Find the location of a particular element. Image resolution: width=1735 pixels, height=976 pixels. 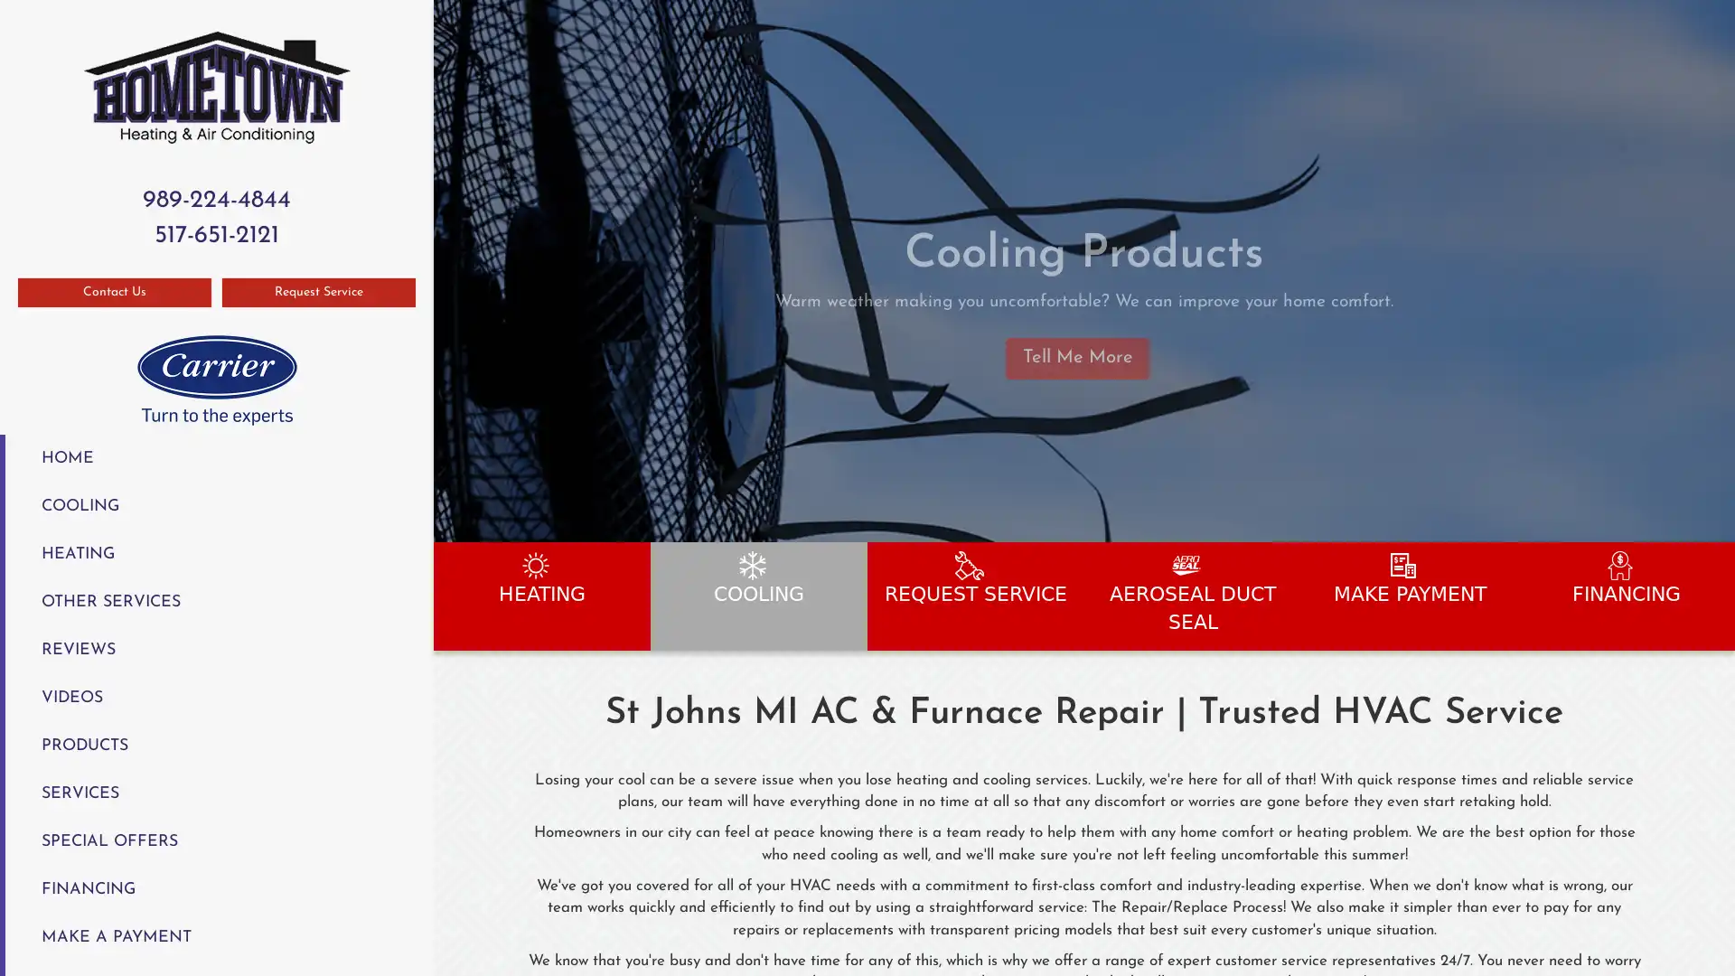

Contact Us is located at coordinates (113, 291).